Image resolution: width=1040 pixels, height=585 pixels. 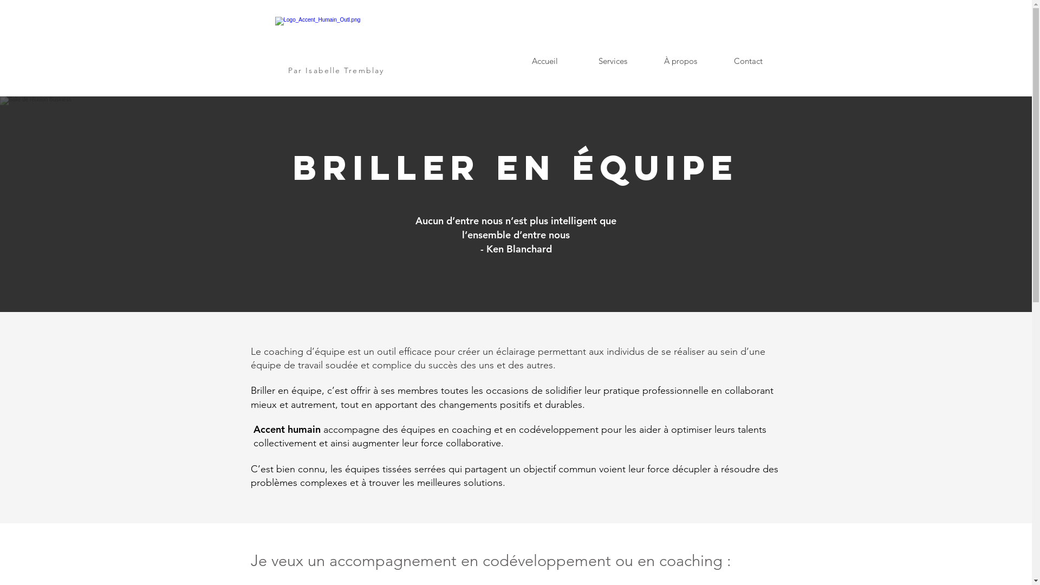 What do you see at coordinates (545, 61) in the screenshot?
I see `'Accueil'` at bounding box center [545, 61].